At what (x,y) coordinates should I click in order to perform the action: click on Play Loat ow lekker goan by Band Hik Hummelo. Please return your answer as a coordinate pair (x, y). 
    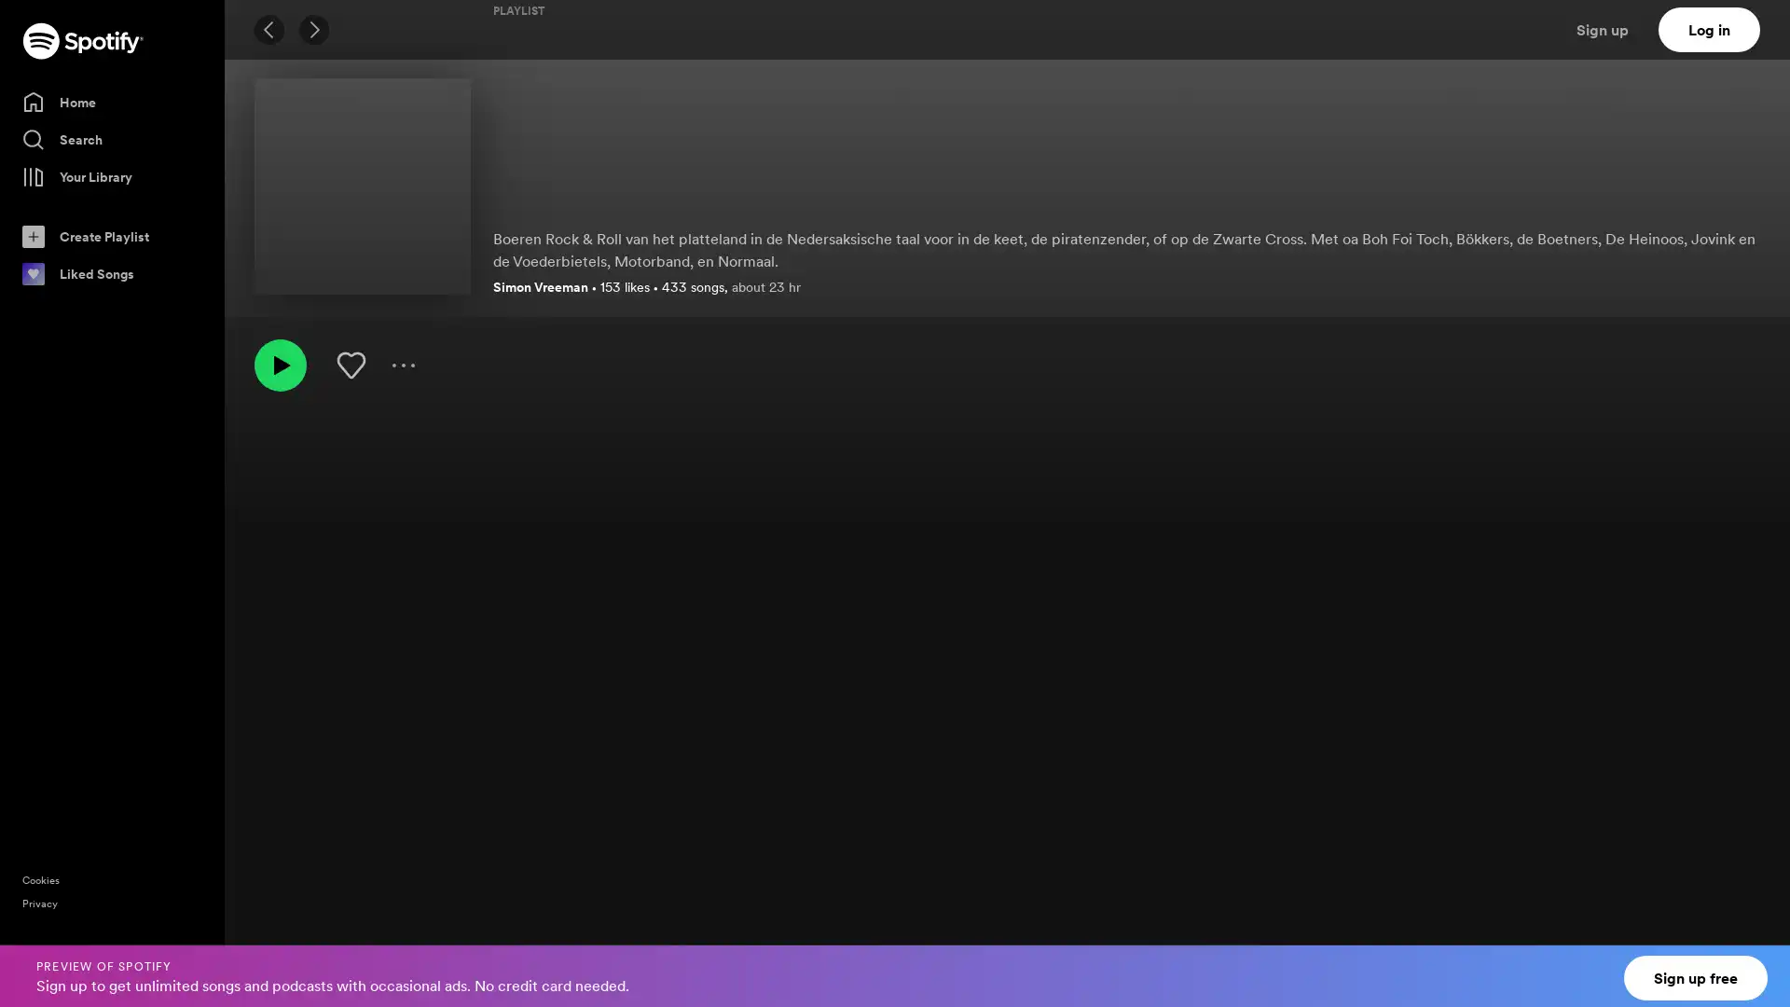
    Looking at the image, I should click on (277, 594).